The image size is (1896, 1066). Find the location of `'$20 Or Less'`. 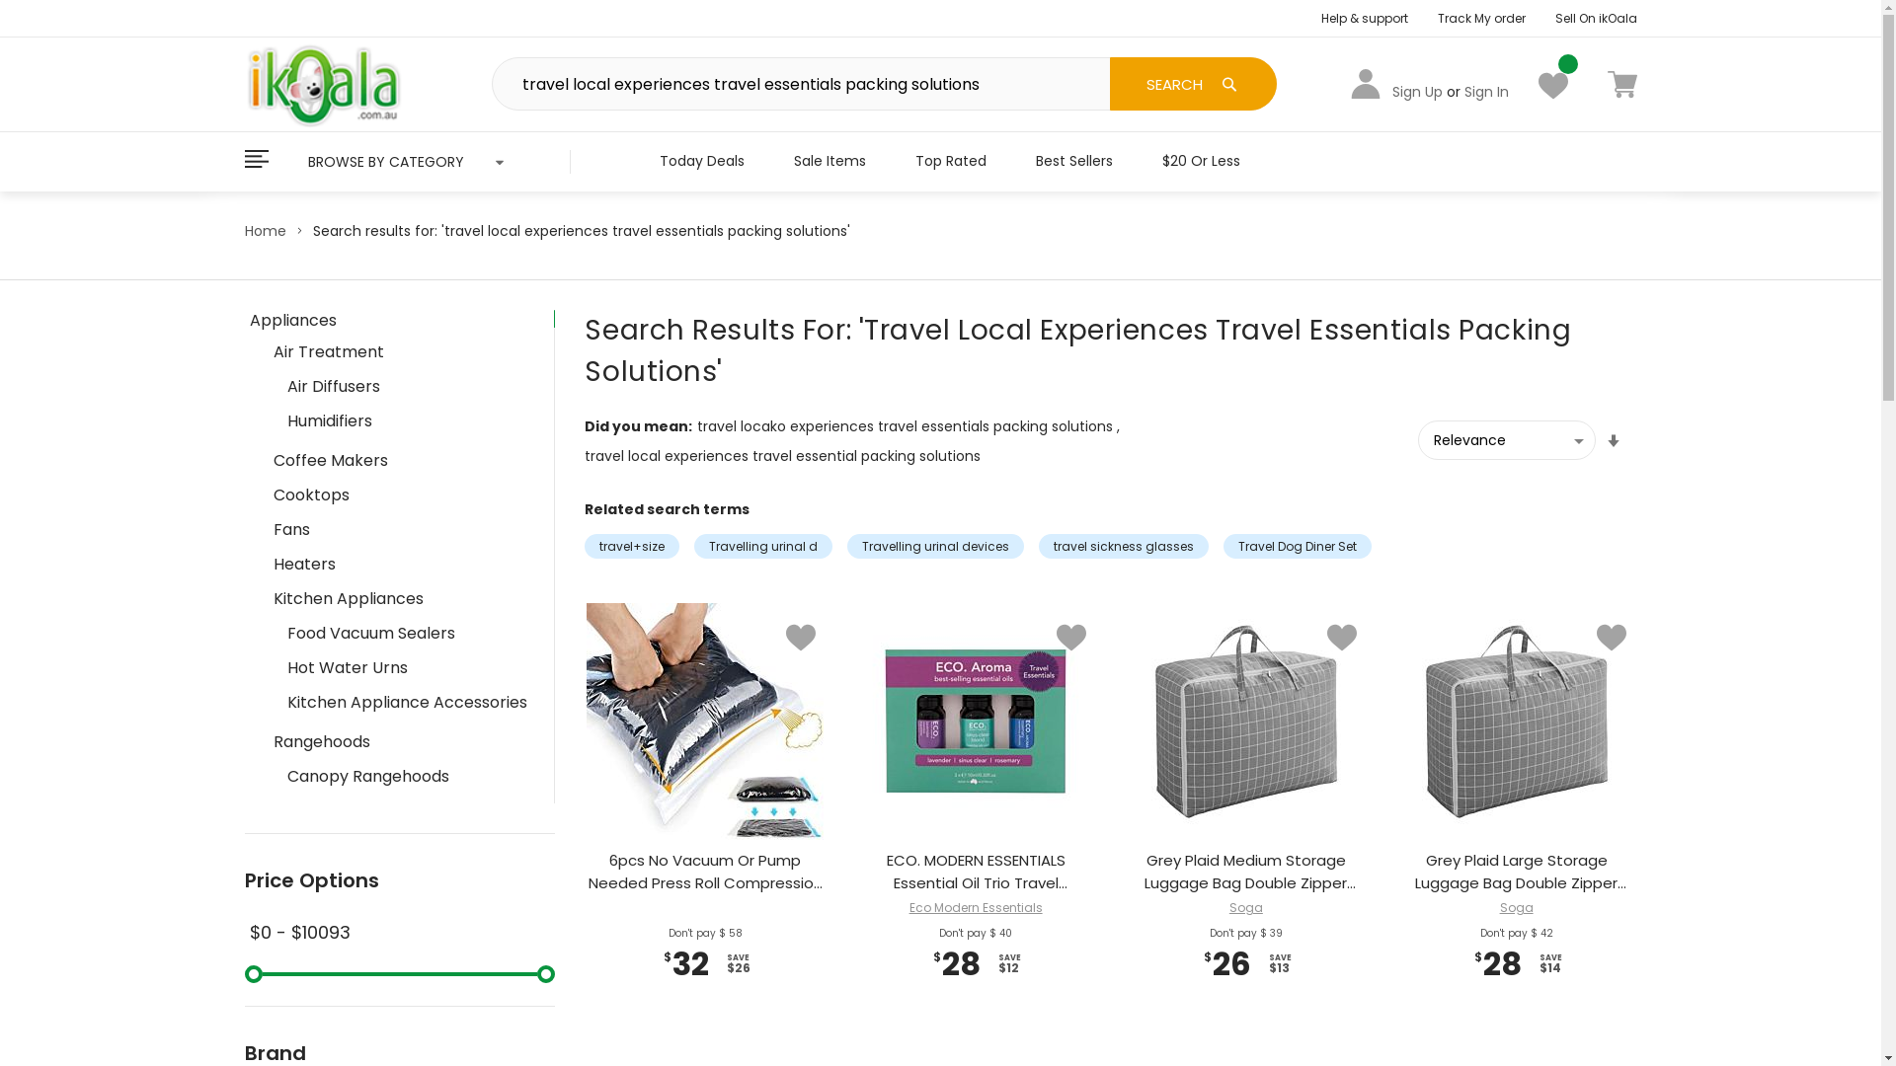

'$20 Or Less' is located at coordinates (1138, 159).